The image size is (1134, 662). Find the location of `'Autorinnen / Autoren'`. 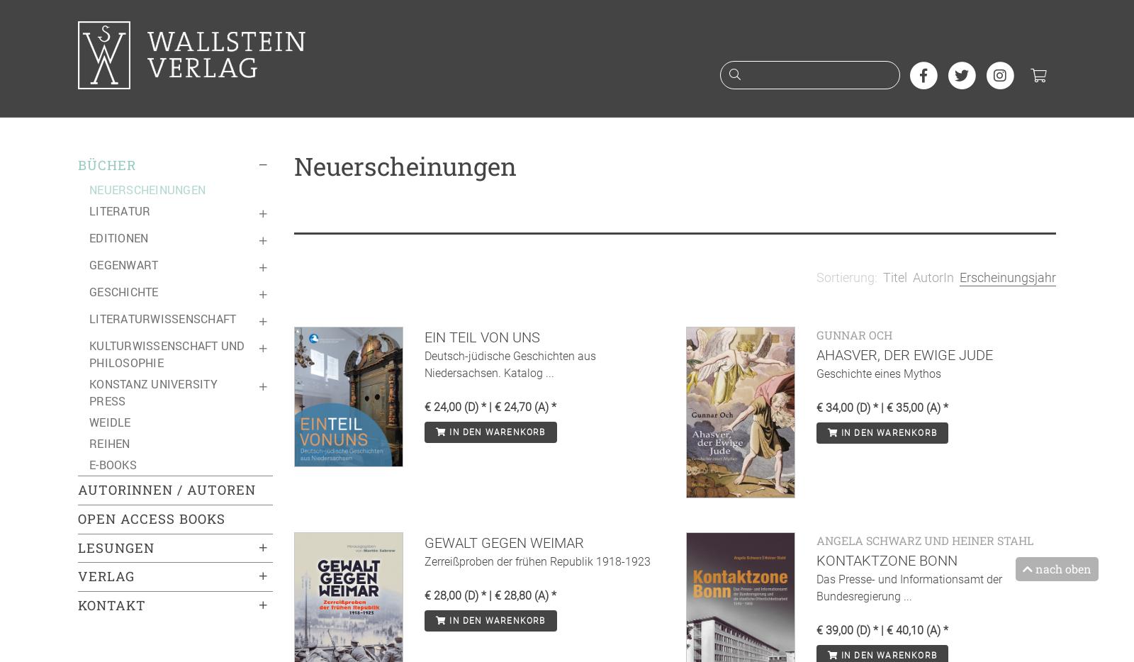

'Autorinnen / Autoren' is located at coordinates (167, 488).